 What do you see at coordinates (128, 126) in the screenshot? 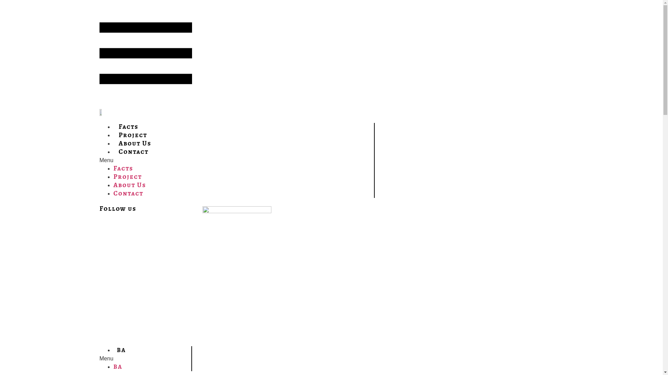
I see `'Facts'` at bounding box center [128, 126].